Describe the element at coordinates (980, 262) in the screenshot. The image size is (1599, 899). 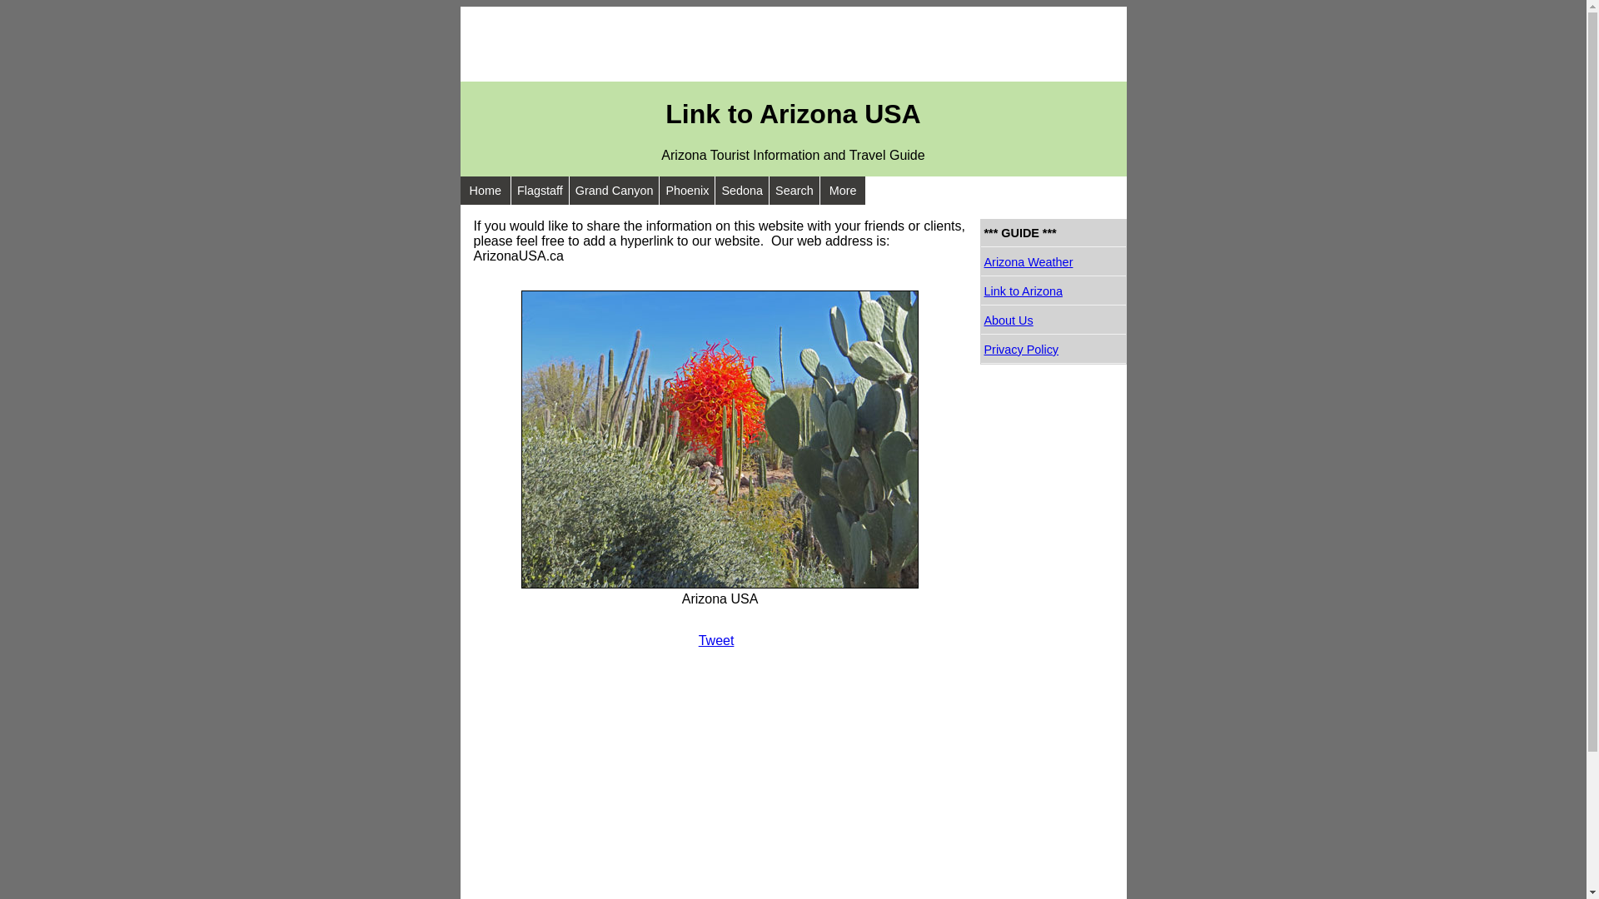
I see `'Arizona Weather'` at that location.